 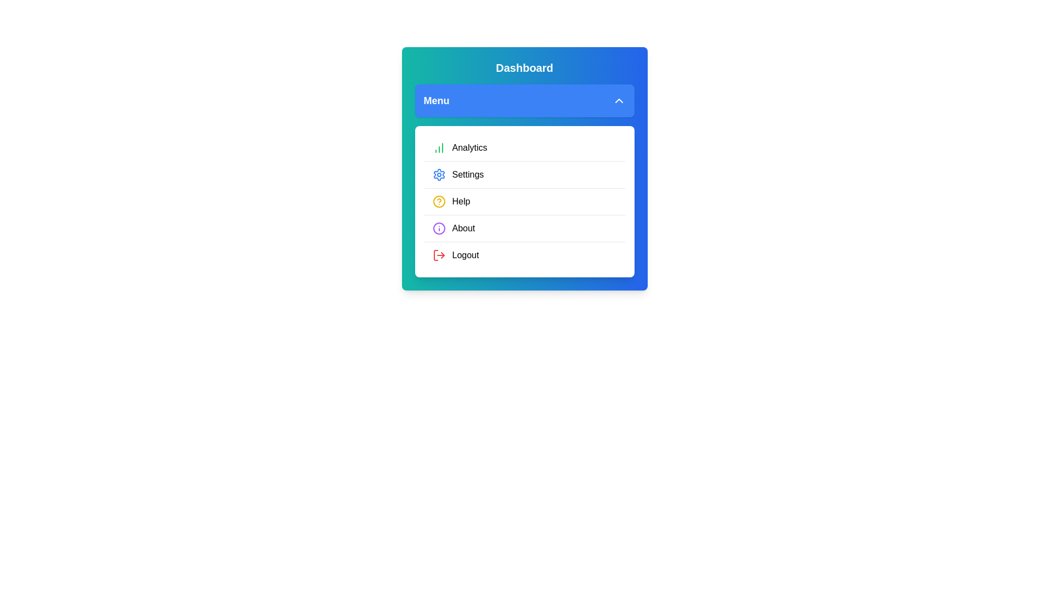 What do you see at coordinates (439, 227) in the screenshot?
I see `the circular informational icon with a purple outline located next to the 'About' text in the menu` at bounding box center [439, 227].